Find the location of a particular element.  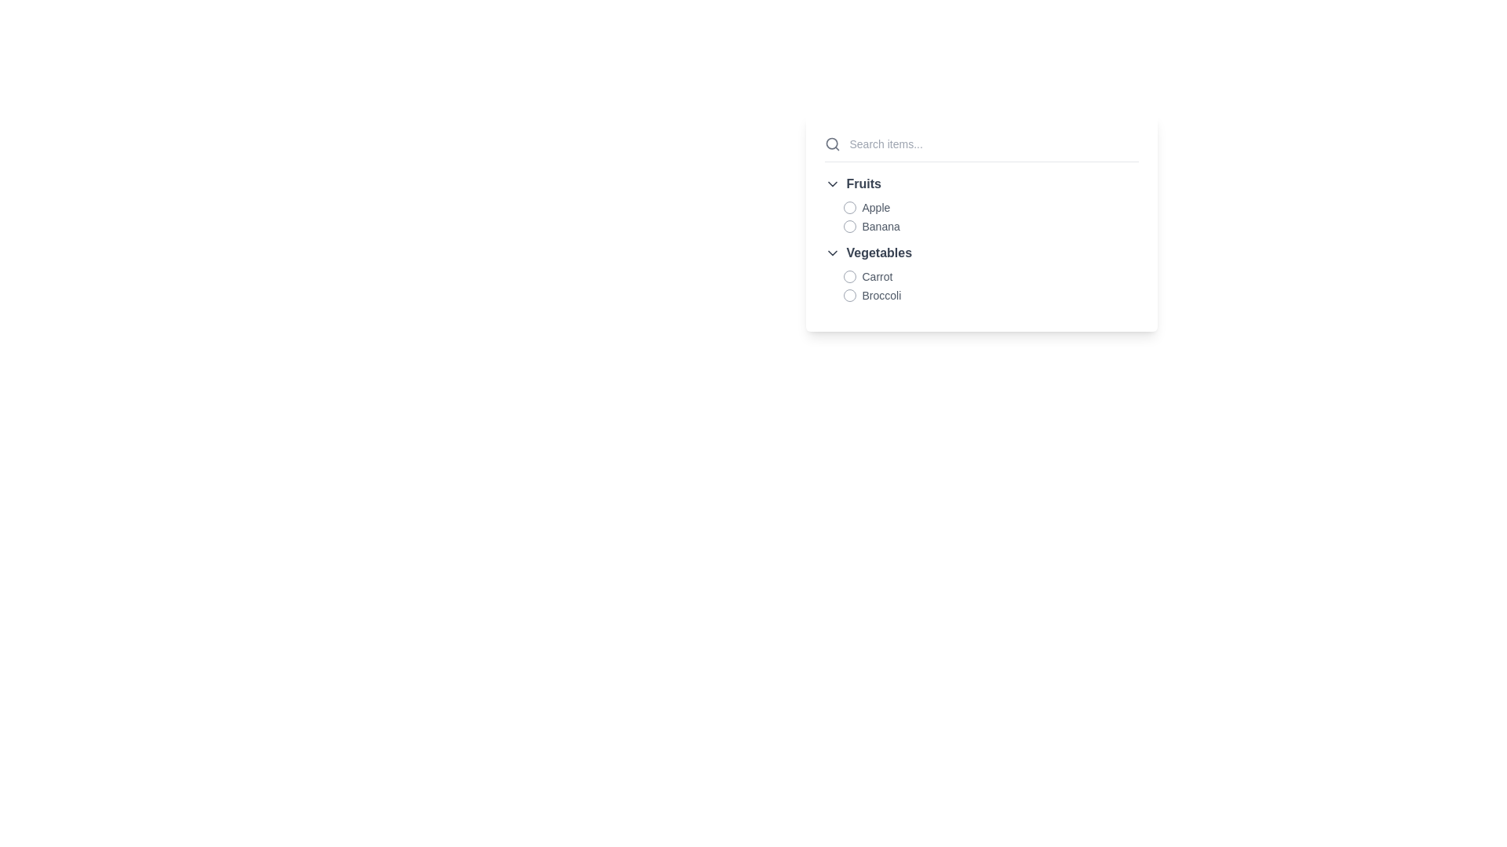

the 'Vegetables' section is located at coordinates (980, 272).